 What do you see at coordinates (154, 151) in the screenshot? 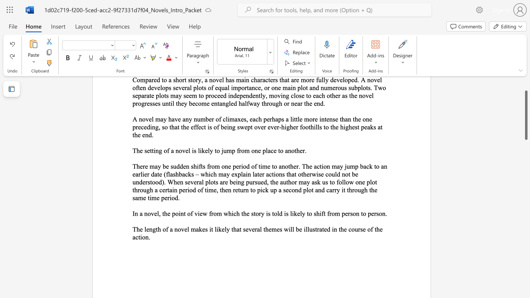
I see `the subset text "ing of a novel is likely to jump from one" within the text "The setting of a novel is likely to jump from one place to another."` at bounding box center [154, 151].